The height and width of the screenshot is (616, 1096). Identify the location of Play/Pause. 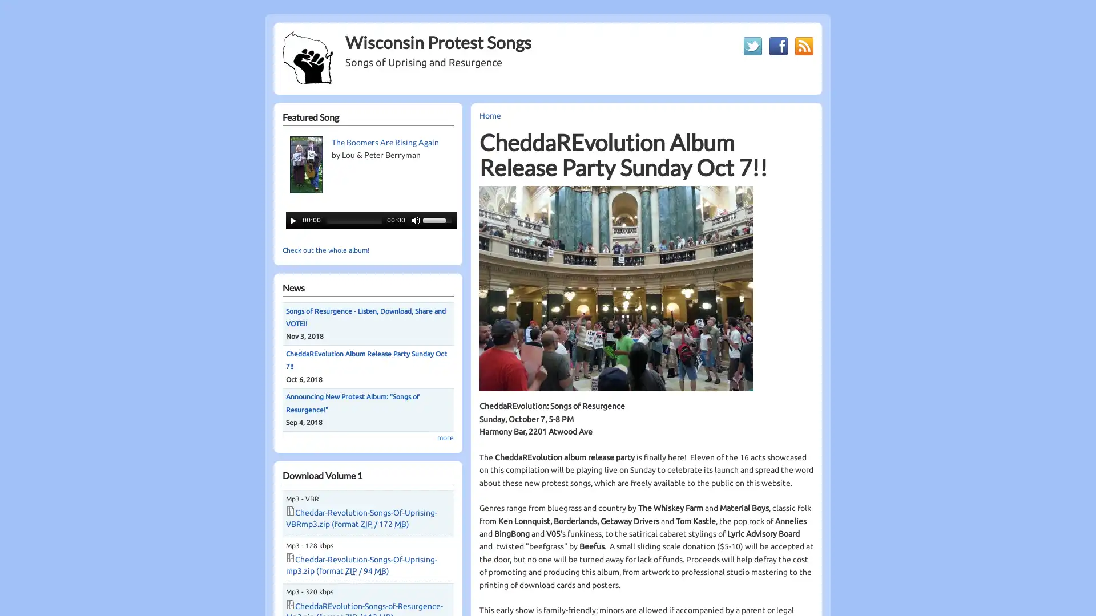
(293, 220).